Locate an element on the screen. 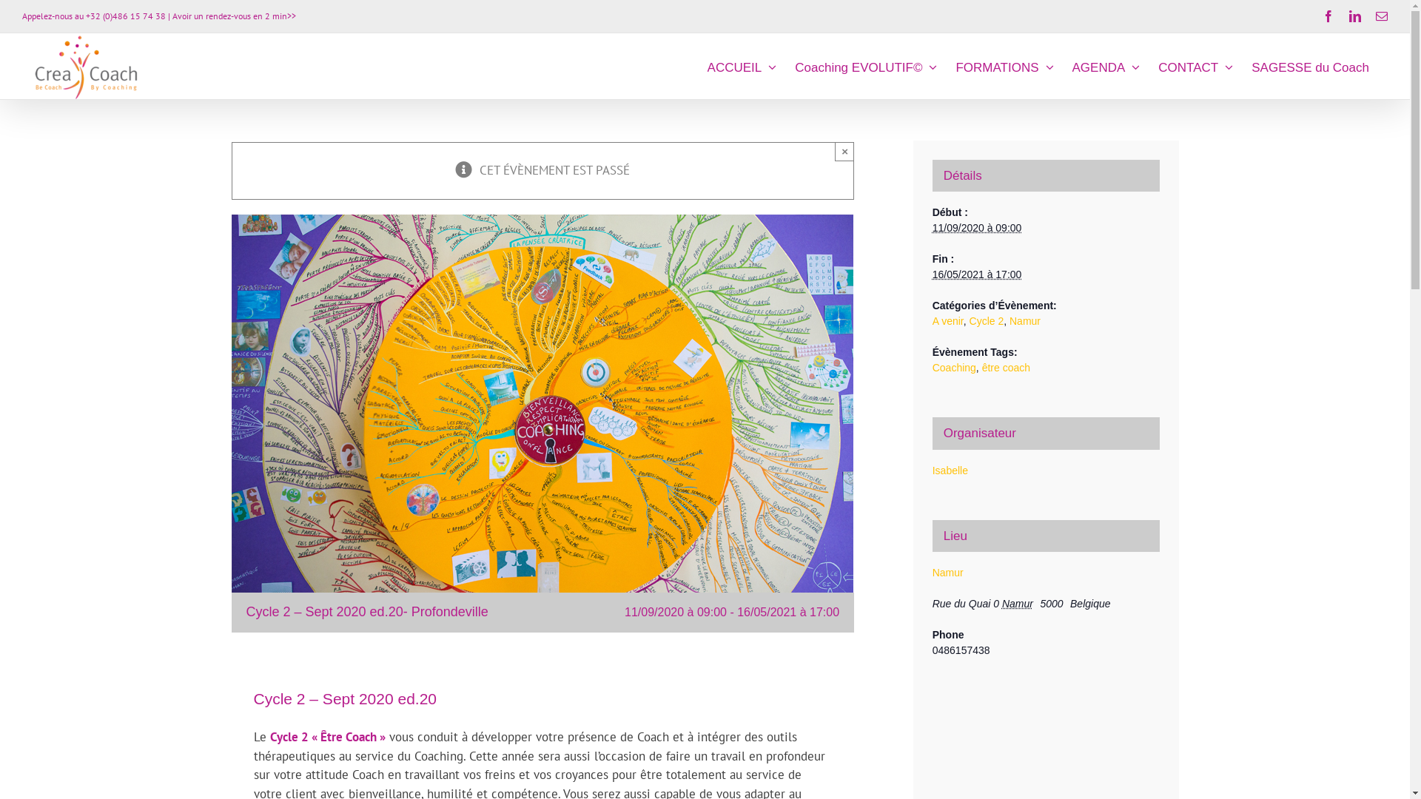  'Isabelle' is located at coordinates (950, 471).